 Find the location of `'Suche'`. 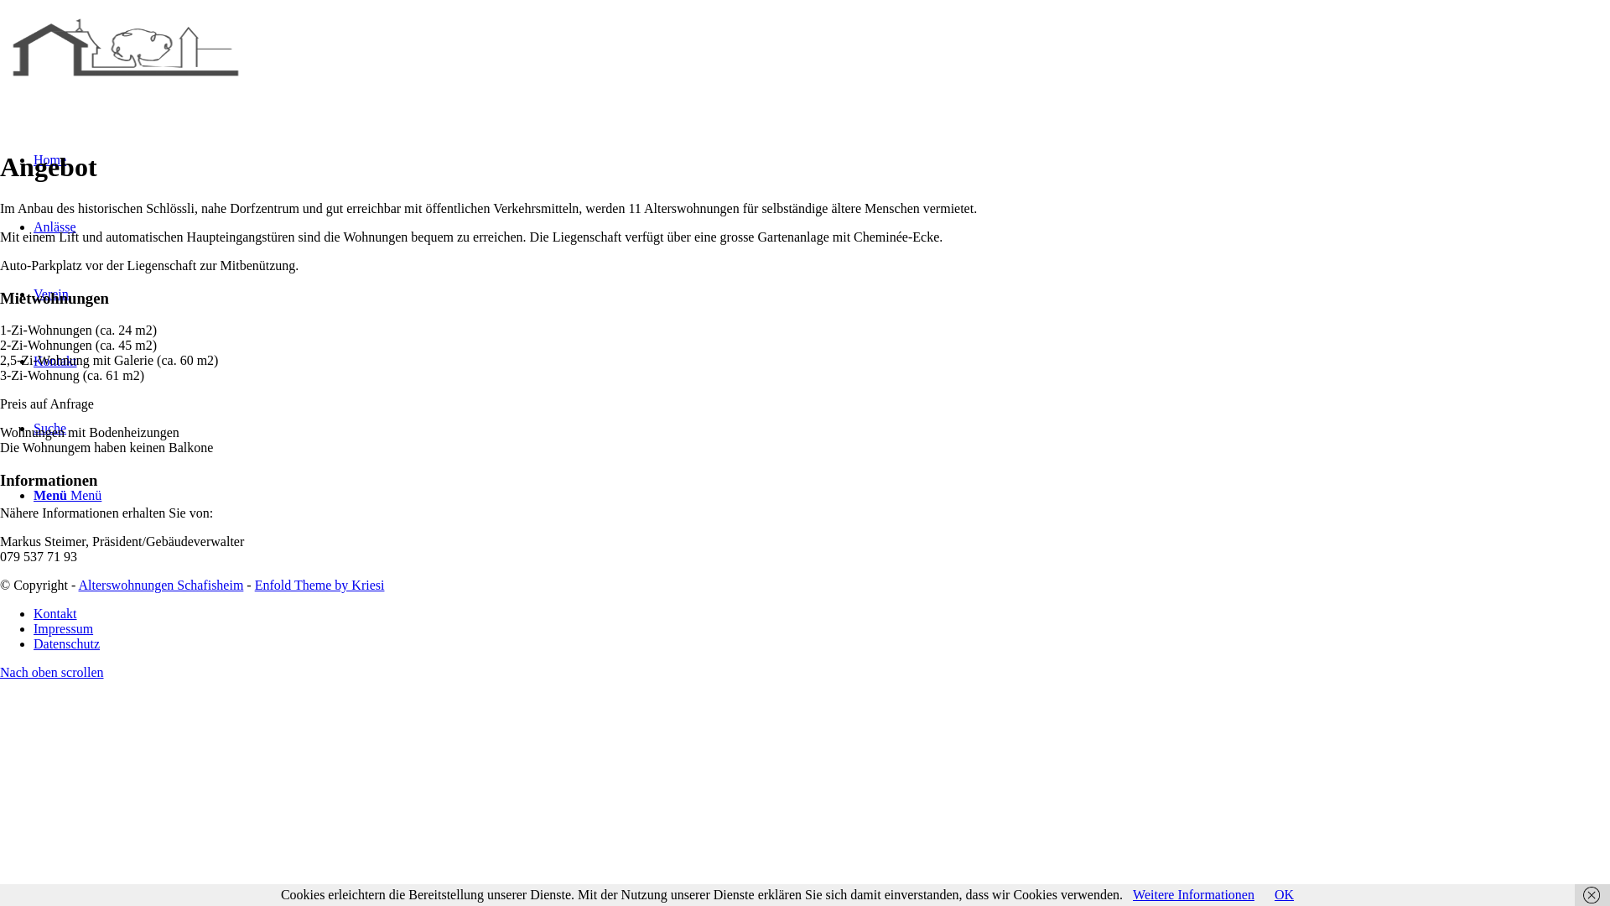

'Suche' is located at coordinates (49, 427).